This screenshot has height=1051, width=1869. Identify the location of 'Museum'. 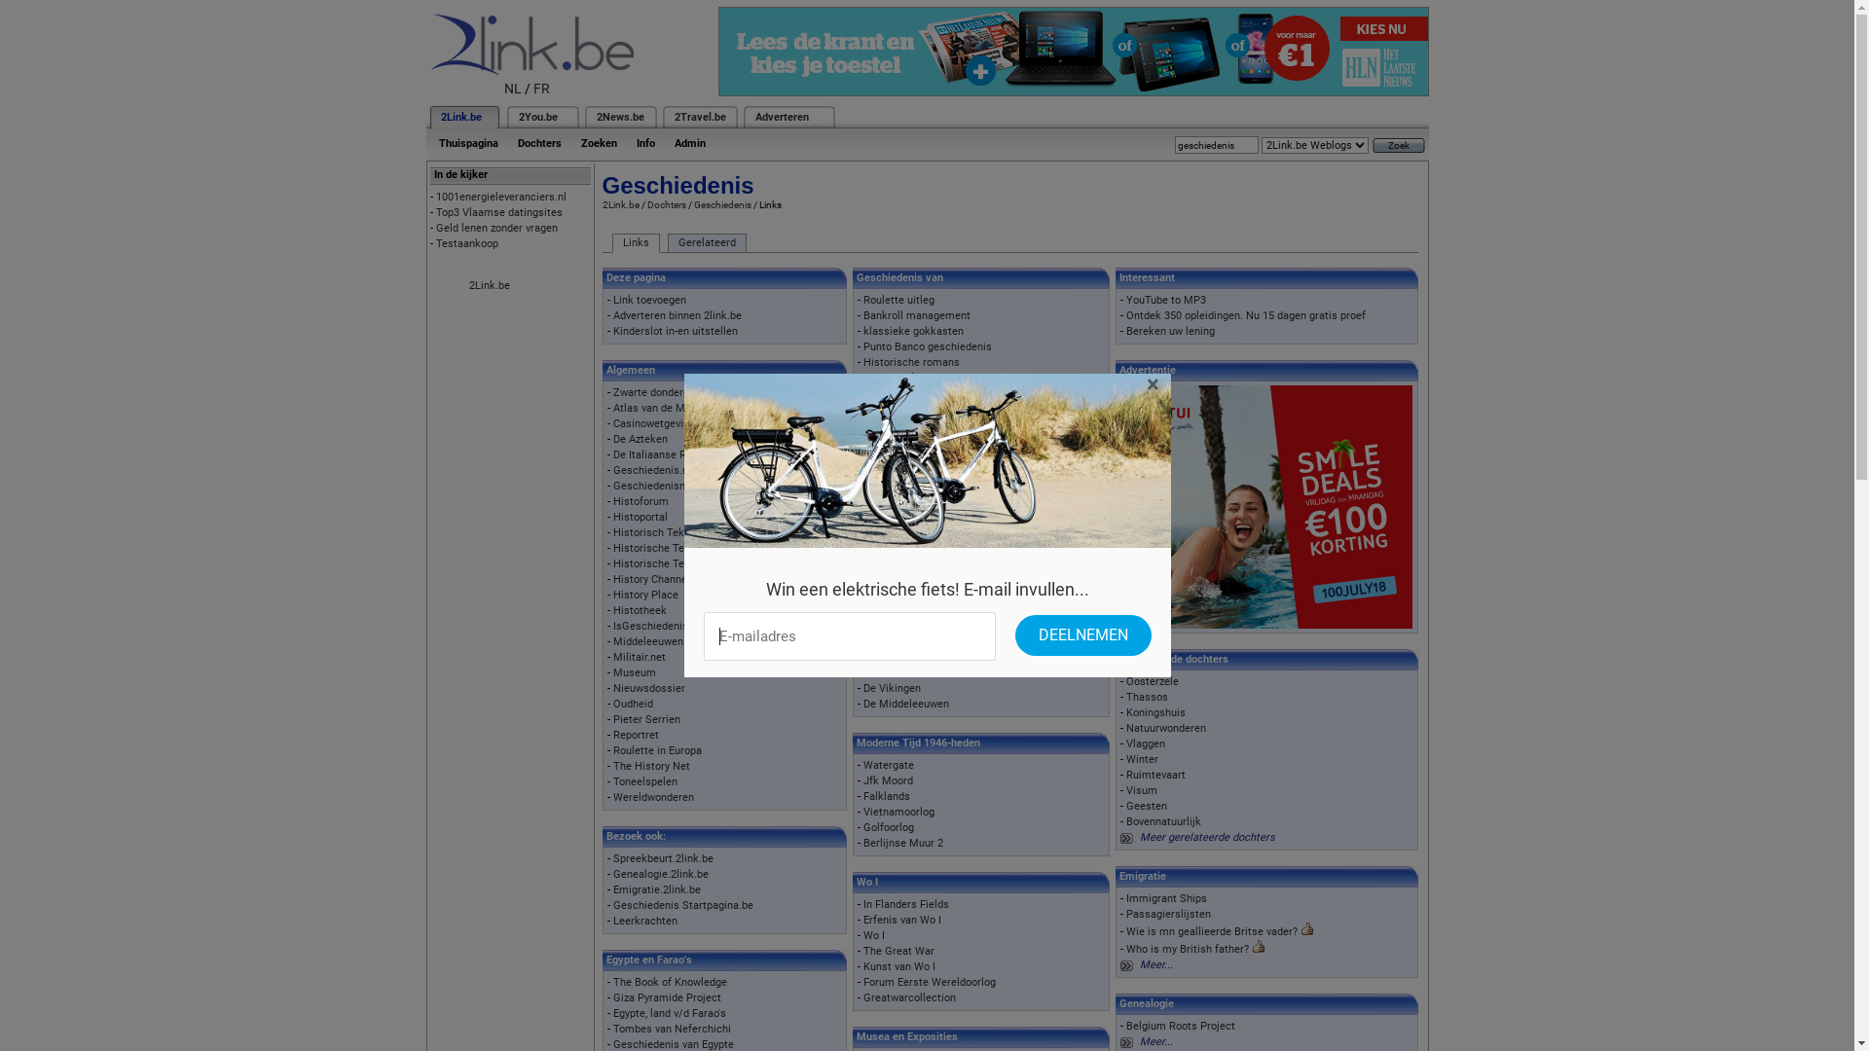
(635, 671).